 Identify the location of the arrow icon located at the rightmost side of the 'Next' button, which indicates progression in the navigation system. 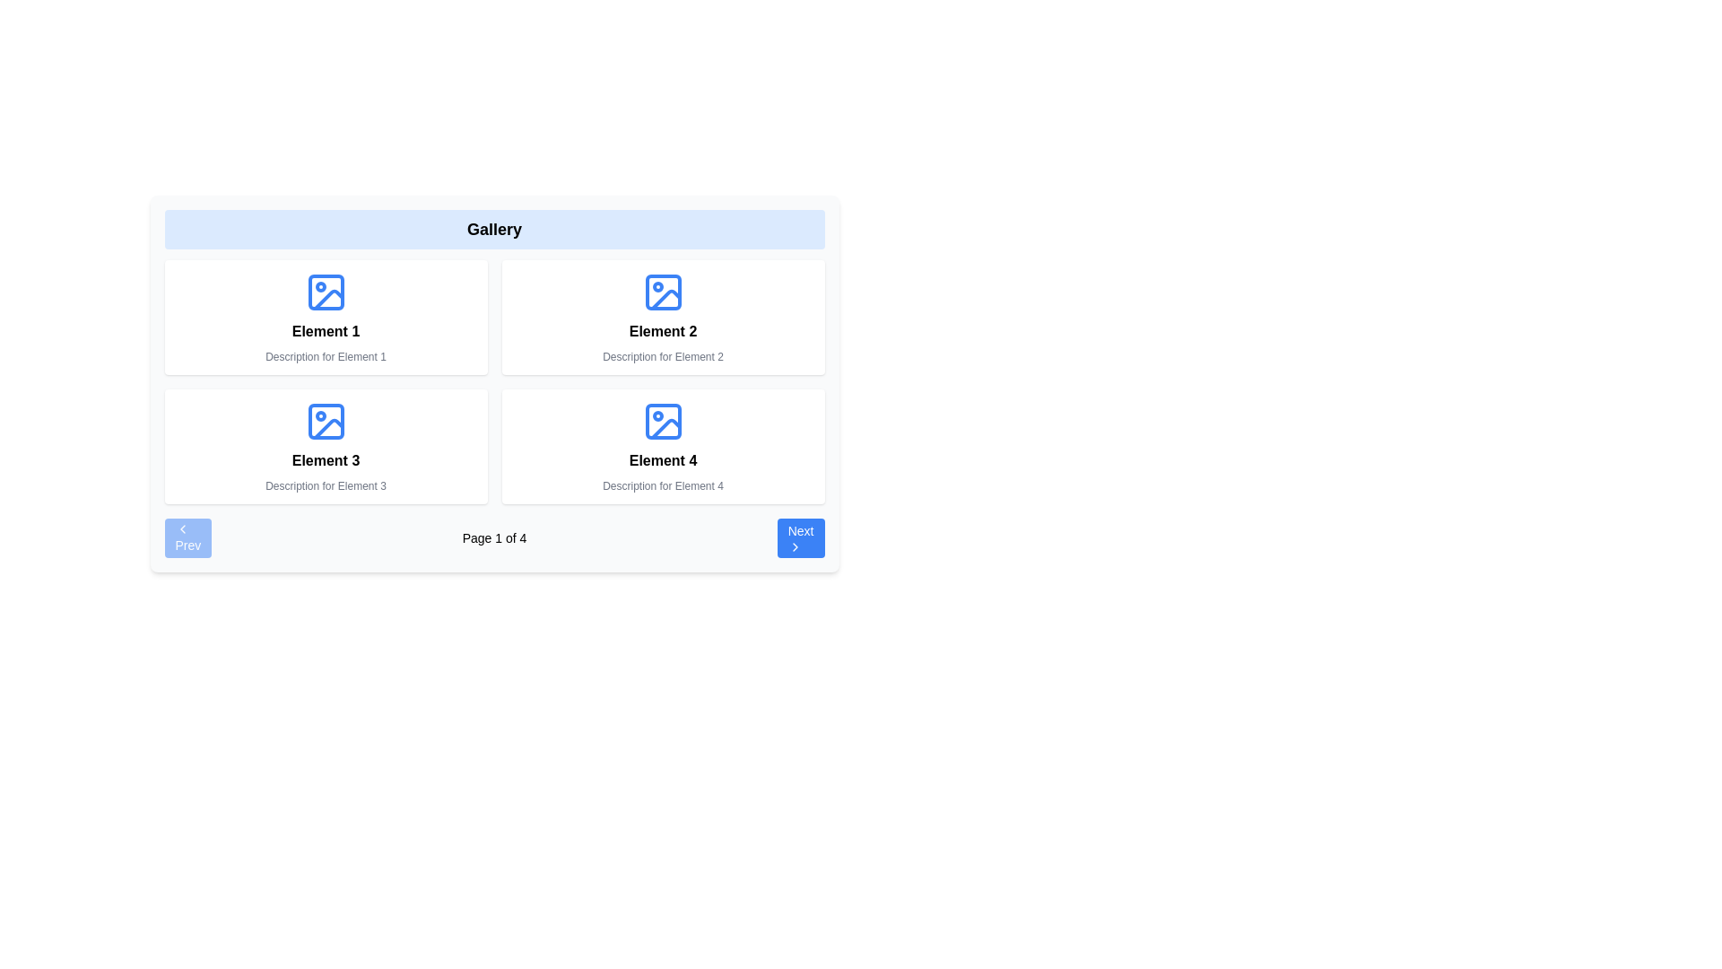
(794, 546).